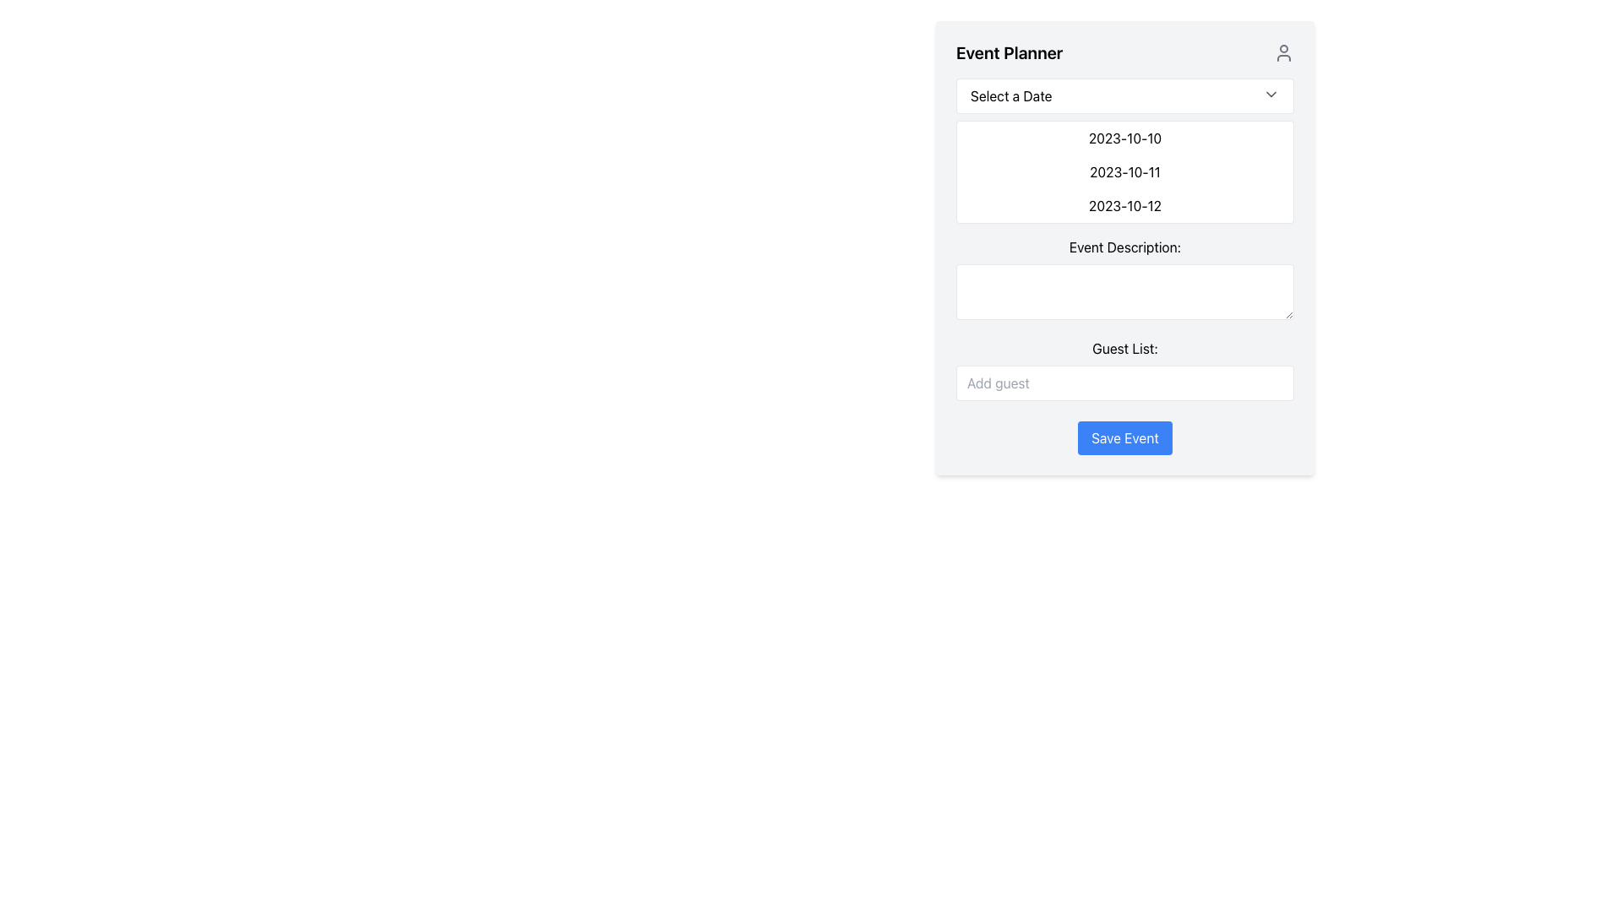 This screenshot has width=1622, height=912. What do you see at coordinates (1124, 172) in the screenshot?
I see `the date selection dropdown menu item displaying '2023-10-11', which is the second item in the list under the 'Select a Date' component` at bounding box center [1124, 172].